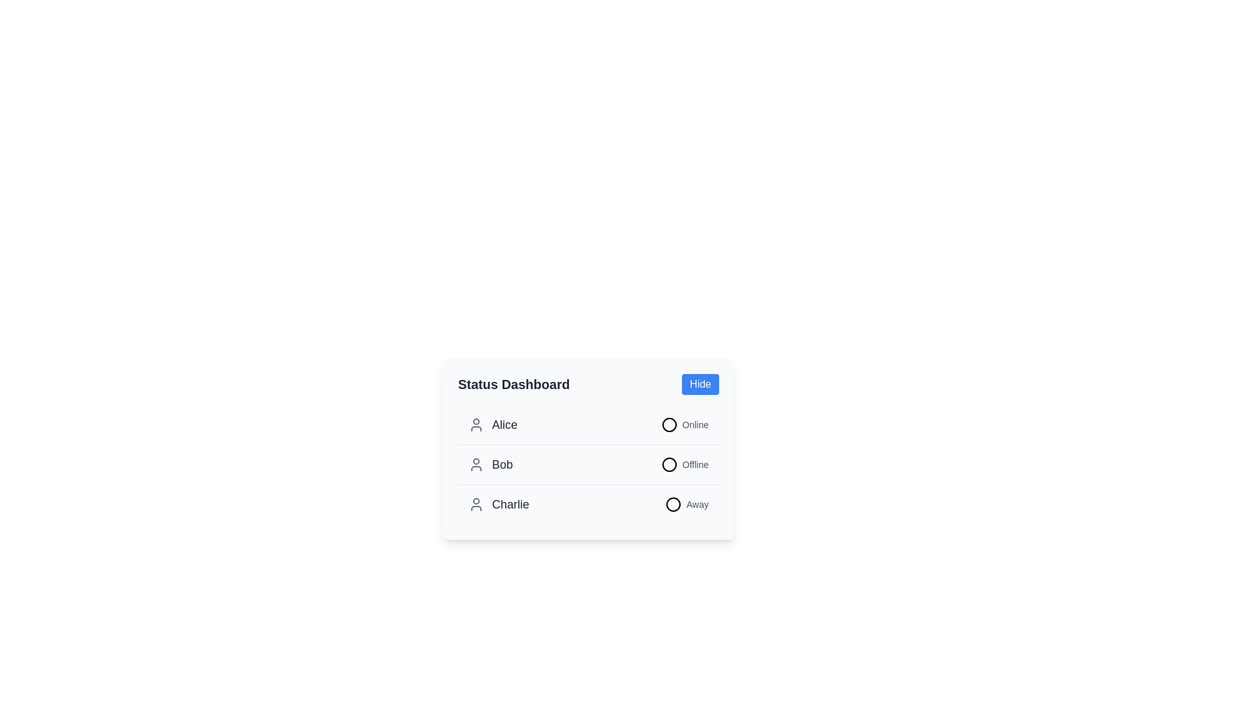 The width and height of the screenshot is (1253, 705). Describe the element at coordinates (694, 425) in the screenshot. I see `the text label that displays 'Online' in light gray color, located in the row associated with 'Alice' in the 'Status Dashboard', positioned to the right of a circular status indicator` at that location.